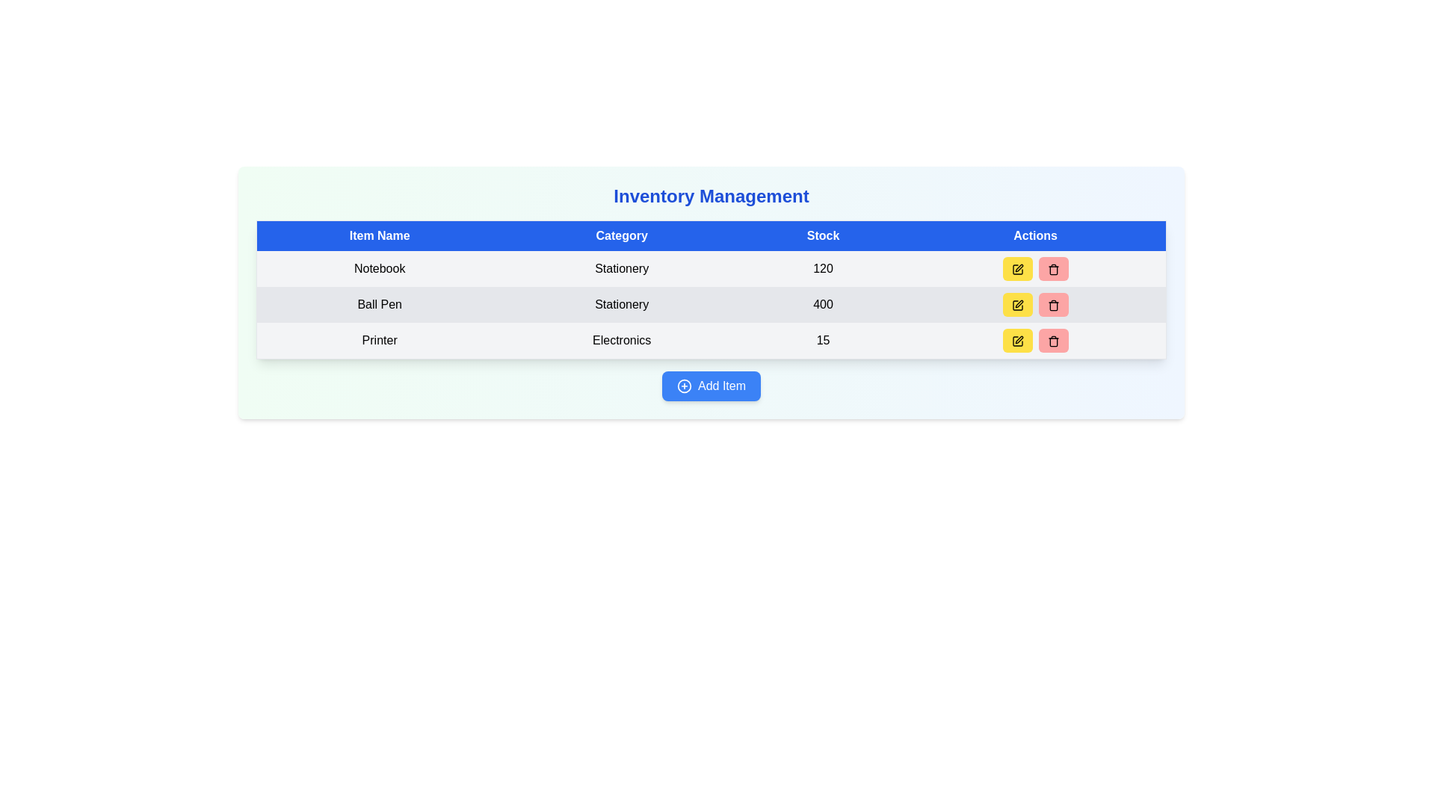  I want to click on the yellow edit button with a pen icon located in the 'Actions' column of the first row in the table, corresponding to the 'Notebook' item, so click(1016, 269).